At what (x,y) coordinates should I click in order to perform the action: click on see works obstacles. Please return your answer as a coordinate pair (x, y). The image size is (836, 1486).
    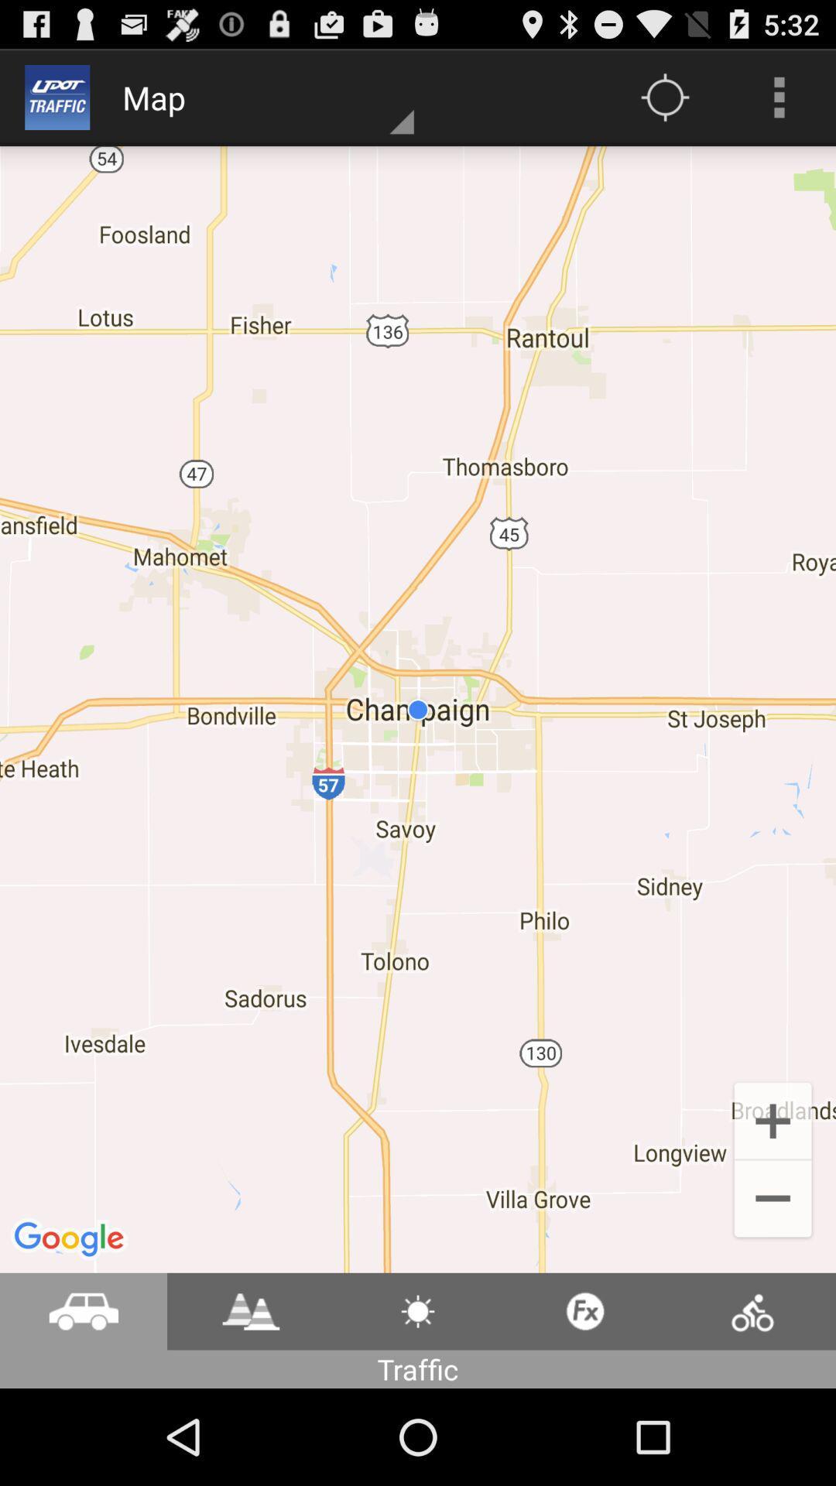
    Looking at the image, I should click on (250, 1310).